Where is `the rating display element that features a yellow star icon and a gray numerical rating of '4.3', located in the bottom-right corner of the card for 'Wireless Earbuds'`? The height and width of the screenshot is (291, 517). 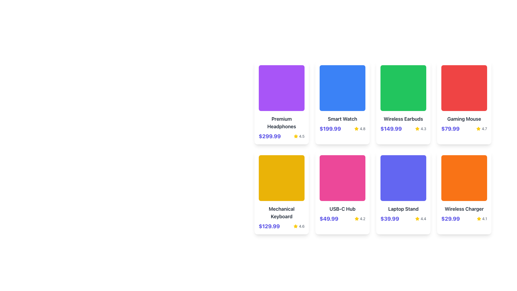 the rating display element that features a yellow star icon and a gray numerical rating of '4.3', located in the bottom-right corner of the card for 'Wireless Earbuds' is located at coordinates (420, 129).